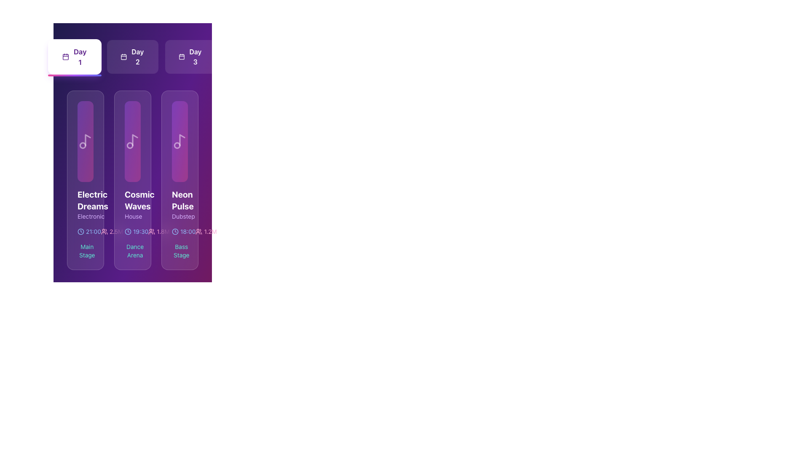 This screenshot has height=455, width=809. What do you see at coordinates (85, 200) in the screenshot?
I see `information displayed on the 'Electric Dreams' text label, which is styled in bold white text on a purple background, positioned at the top of the leftmost card in a list` at bounding box center [85, 200].